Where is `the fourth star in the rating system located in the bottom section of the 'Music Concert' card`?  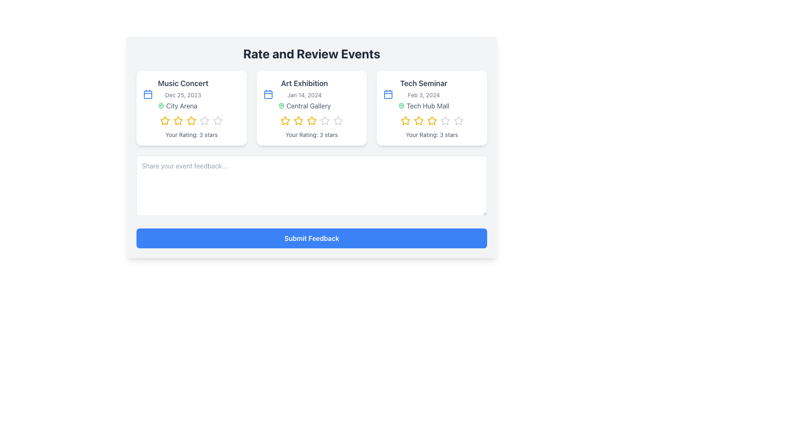 the fourth star in the rating system located in the bottom section of the 'Music Concert' card is located at coordinates (218, 121).